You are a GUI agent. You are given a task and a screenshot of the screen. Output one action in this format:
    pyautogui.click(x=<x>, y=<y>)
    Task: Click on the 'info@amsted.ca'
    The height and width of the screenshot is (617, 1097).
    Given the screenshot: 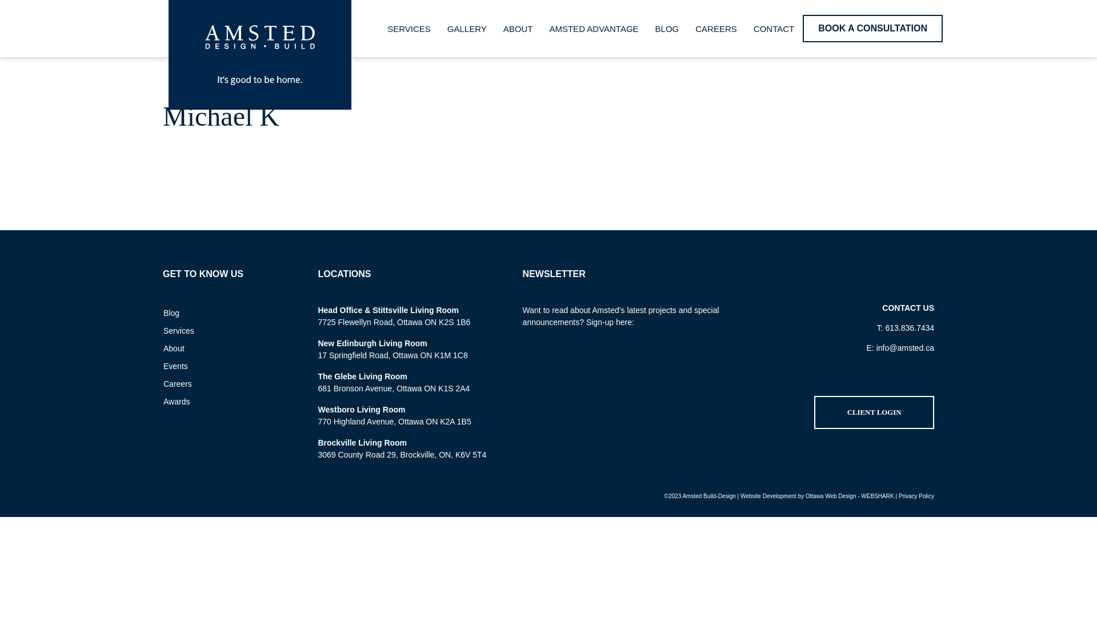 What is the action you would take?
    pyautogui.click(x=904, y=347)
    